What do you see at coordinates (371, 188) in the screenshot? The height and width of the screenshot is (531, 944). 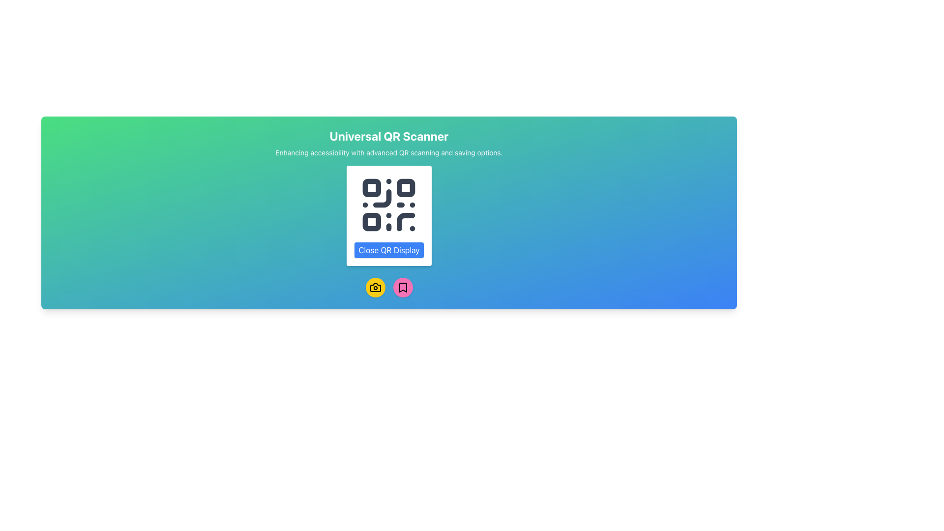 I see `the first decorative square from the left on the top row of the QR code pattern located in the center of the page` at bounding box center [371, 188].